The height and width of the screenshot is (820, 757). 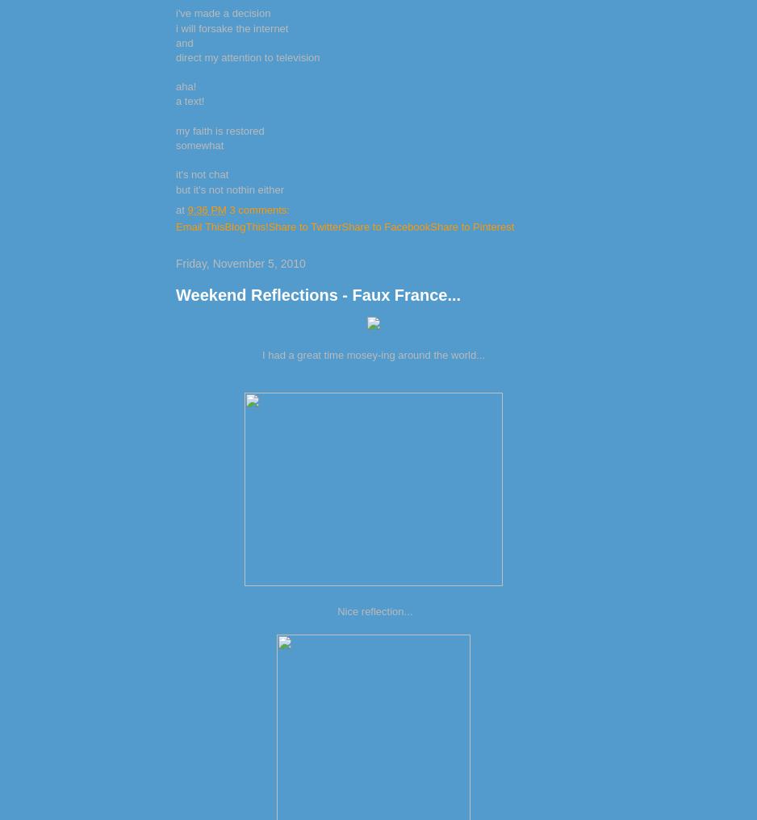 I want to click on 'Email This', so click(x=199, y=226).